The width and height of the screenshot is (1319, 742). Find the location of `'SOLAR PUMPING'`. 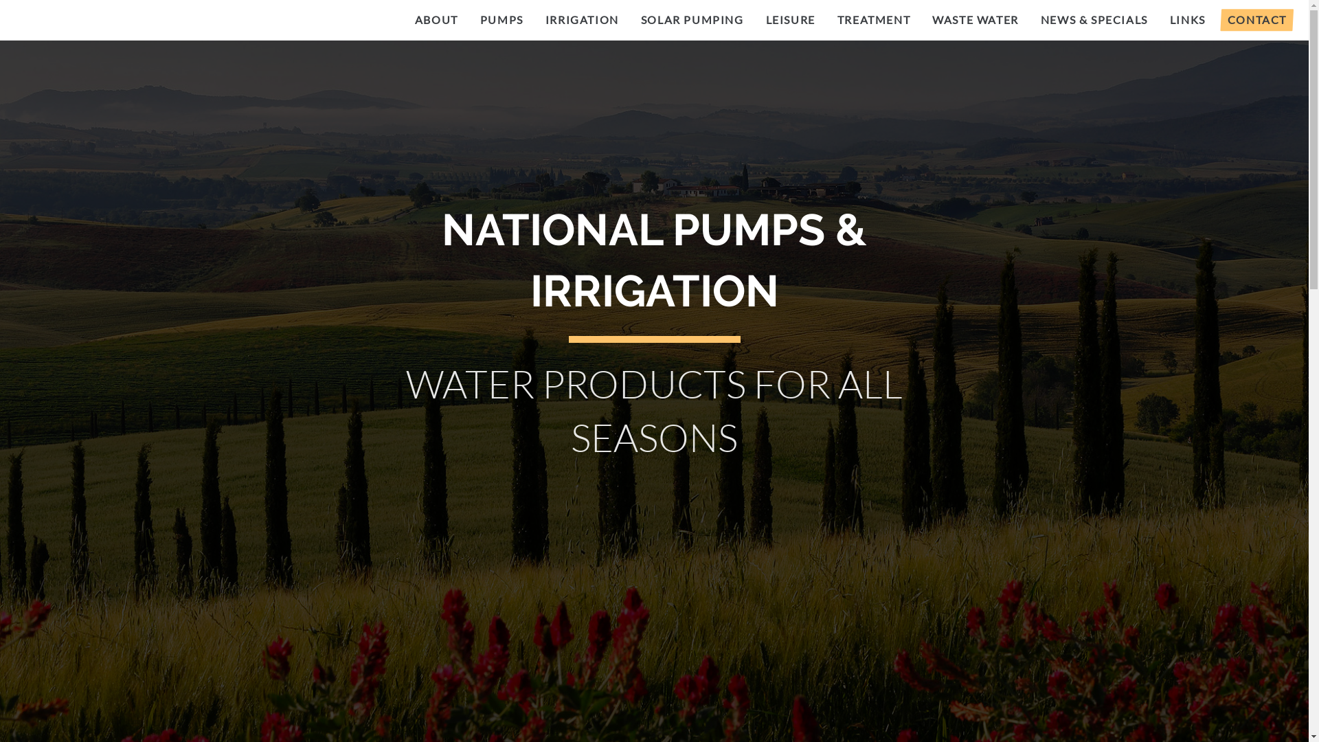

'SOLAR PUMPING' is located at coordinates (629, 20).